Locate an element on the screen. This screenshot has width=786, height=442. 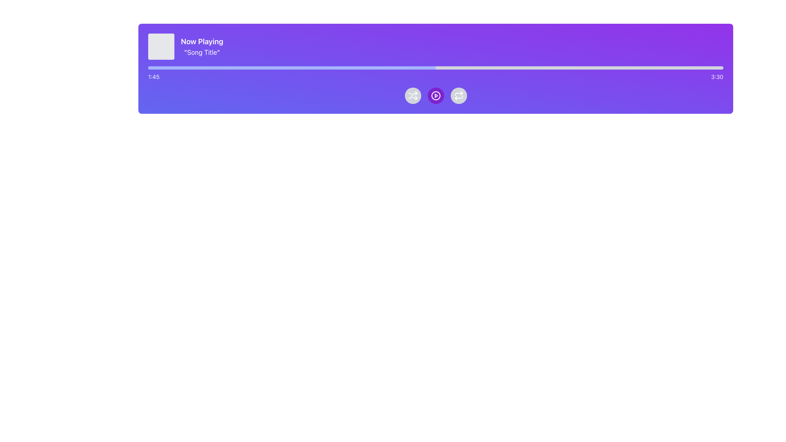
the slider is located at coordinates (597, 67).